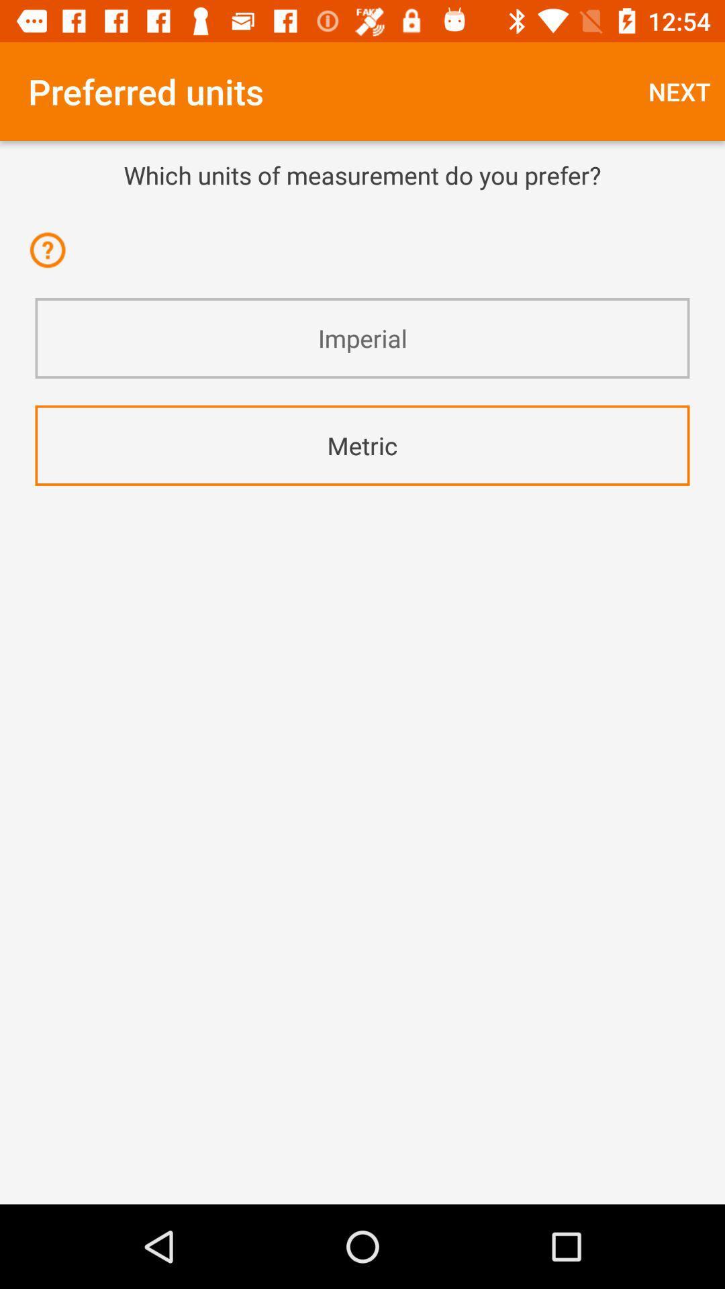 Image resolution: width=725 pixels, height=1289 pixels. Describe the element at coordinates (362, 338) in the screenshot. I see `the imperial` at that location.